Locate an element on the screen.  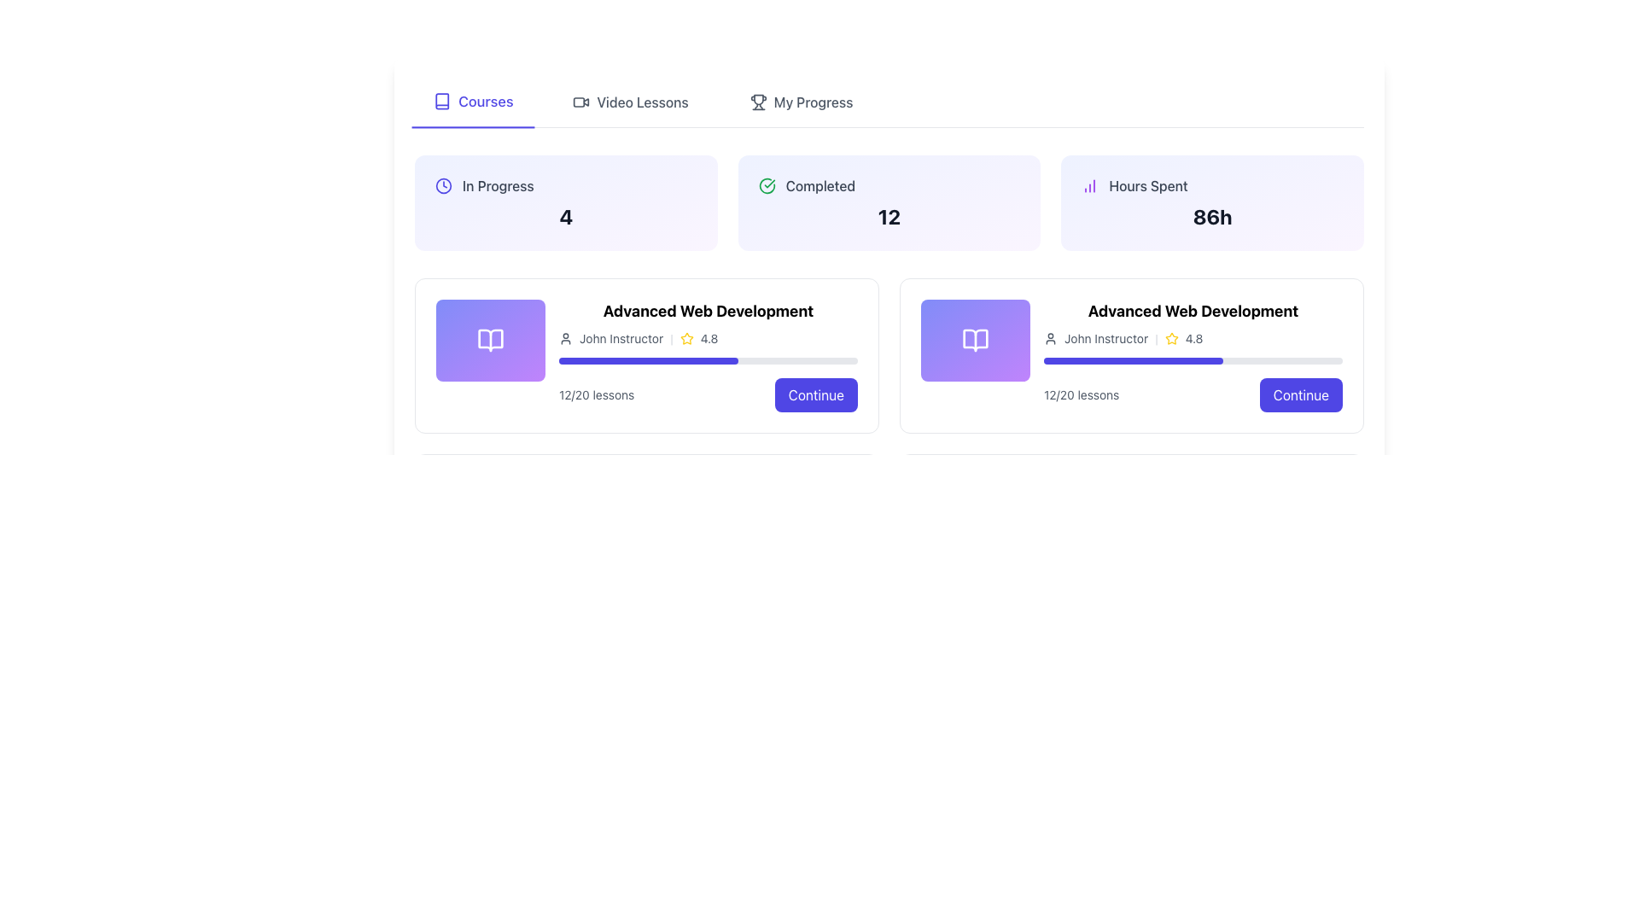
the 'Video Lessons' button in the navigation bar to change its appearance is located at coordinates (630, 102).